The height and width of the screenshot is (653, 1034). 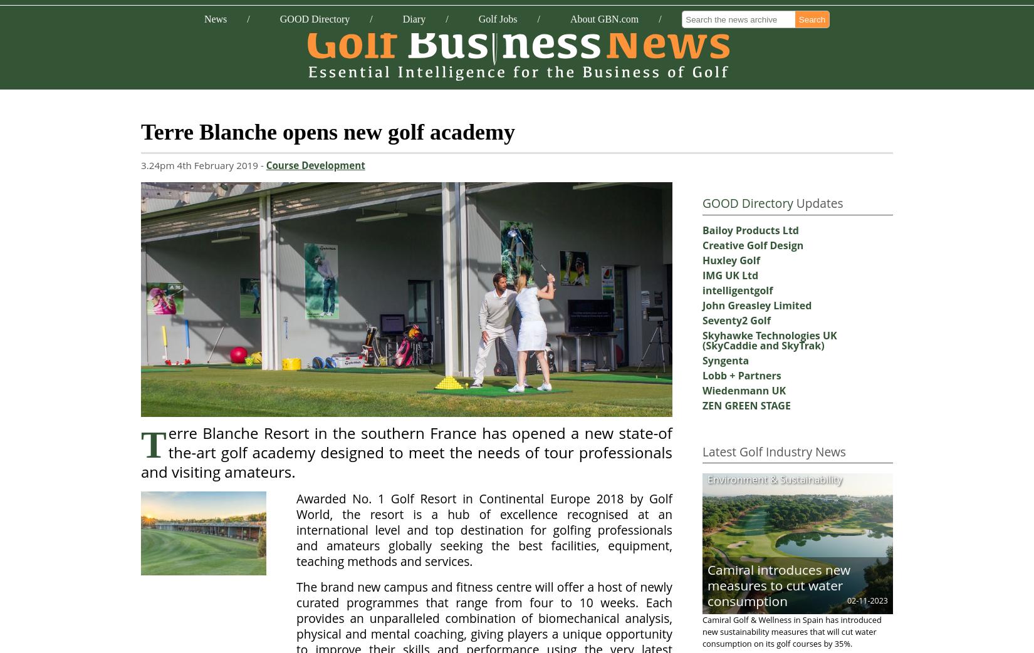 I want to click on 'Terre Blanche Resort in the southern France has opened a new state-of the-art golf academy designed to meet the needs of tour professionals and visiting amateurs.', so click(x=405, y=451).